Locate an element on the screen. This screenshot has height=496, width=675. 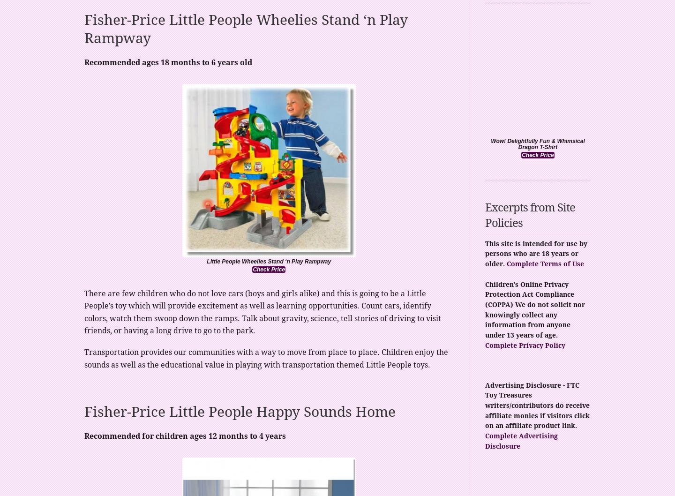
'Advertising Disclosure - FTC Toy Treasures writers/contributors do receive affiliate monies if visitors click on an affiliate product link.' is located at coordinates (485, 405).